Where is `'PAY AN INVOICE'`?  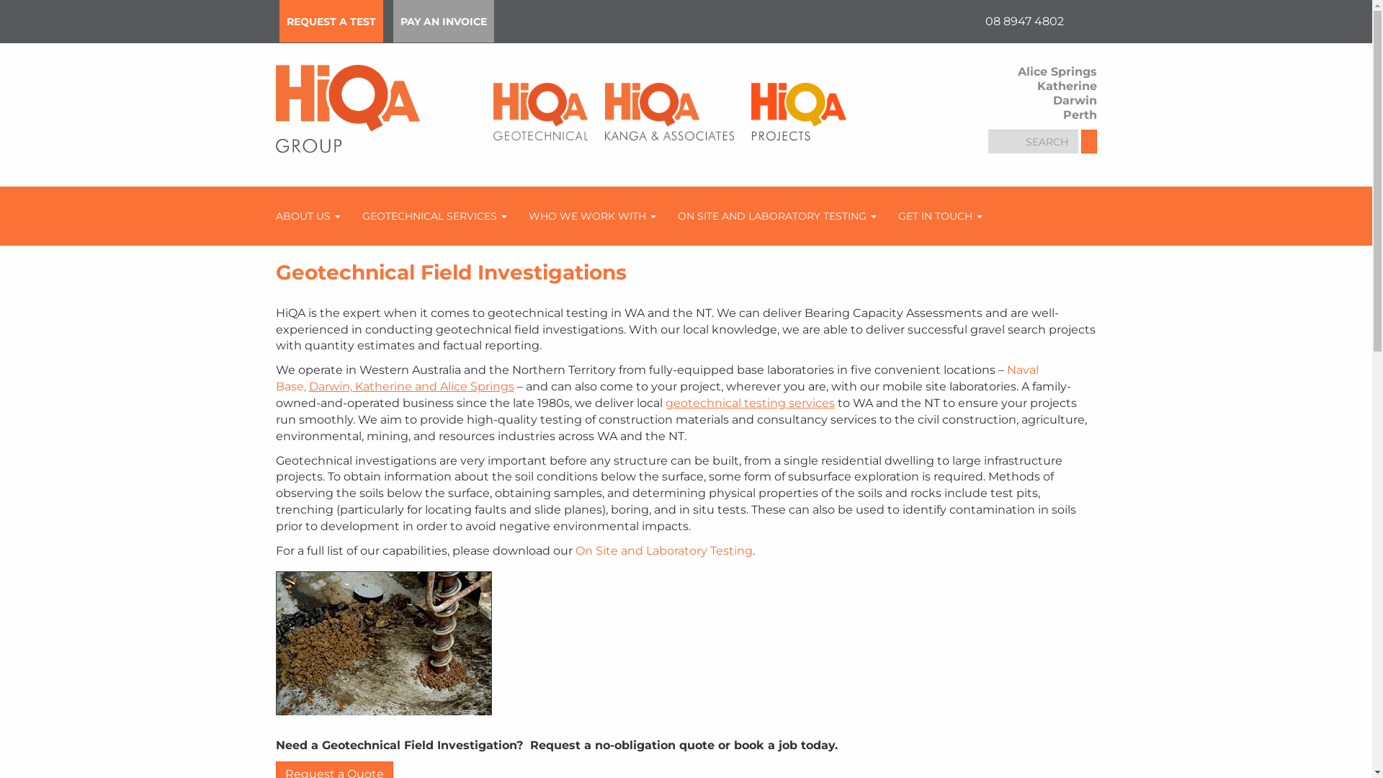
'PAY AN INVOICE' is located at coordinates (442, 21).